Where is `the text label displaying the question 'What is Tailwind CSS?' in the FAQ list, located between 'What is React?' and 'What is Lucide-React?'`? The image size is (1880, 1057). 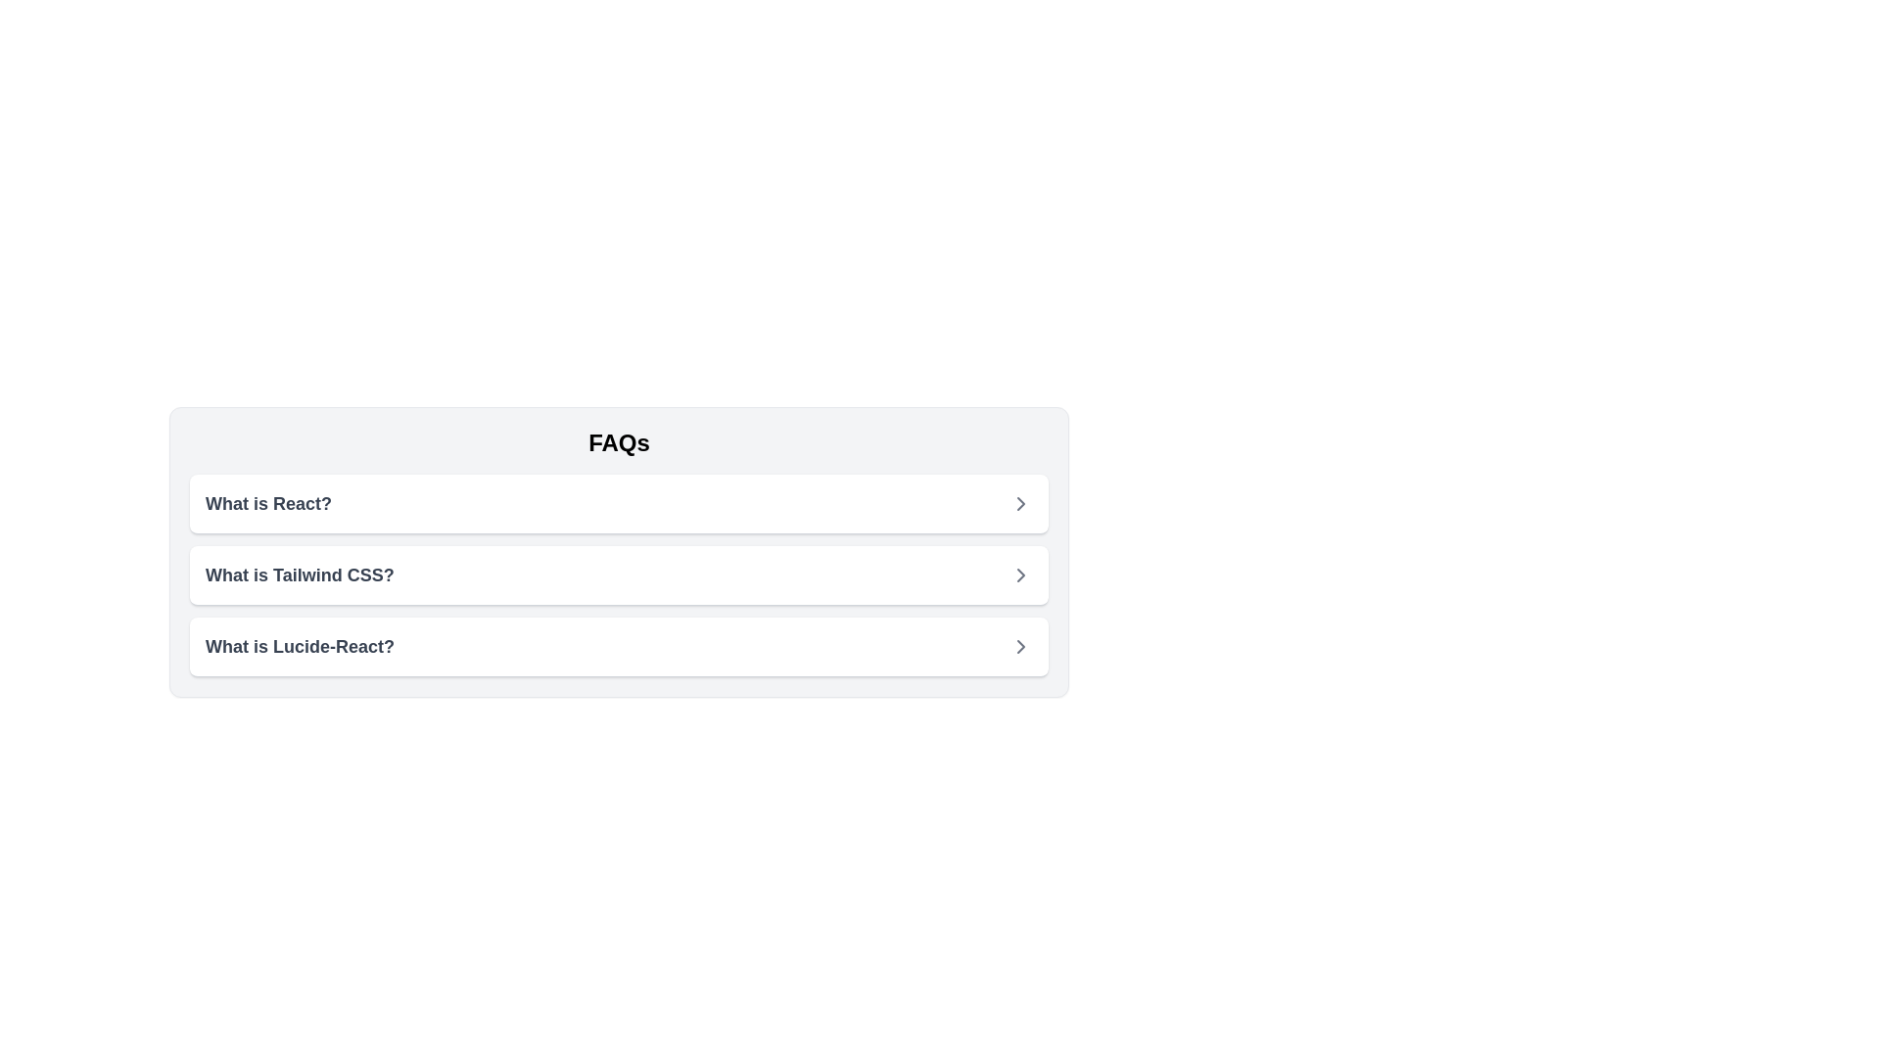
the text label displaying the question 'What is Tailwind CSS?' in the FAQ list, located between 'What is React?' and 'What is Lucide-React?' is located at coordinates (299, 574).